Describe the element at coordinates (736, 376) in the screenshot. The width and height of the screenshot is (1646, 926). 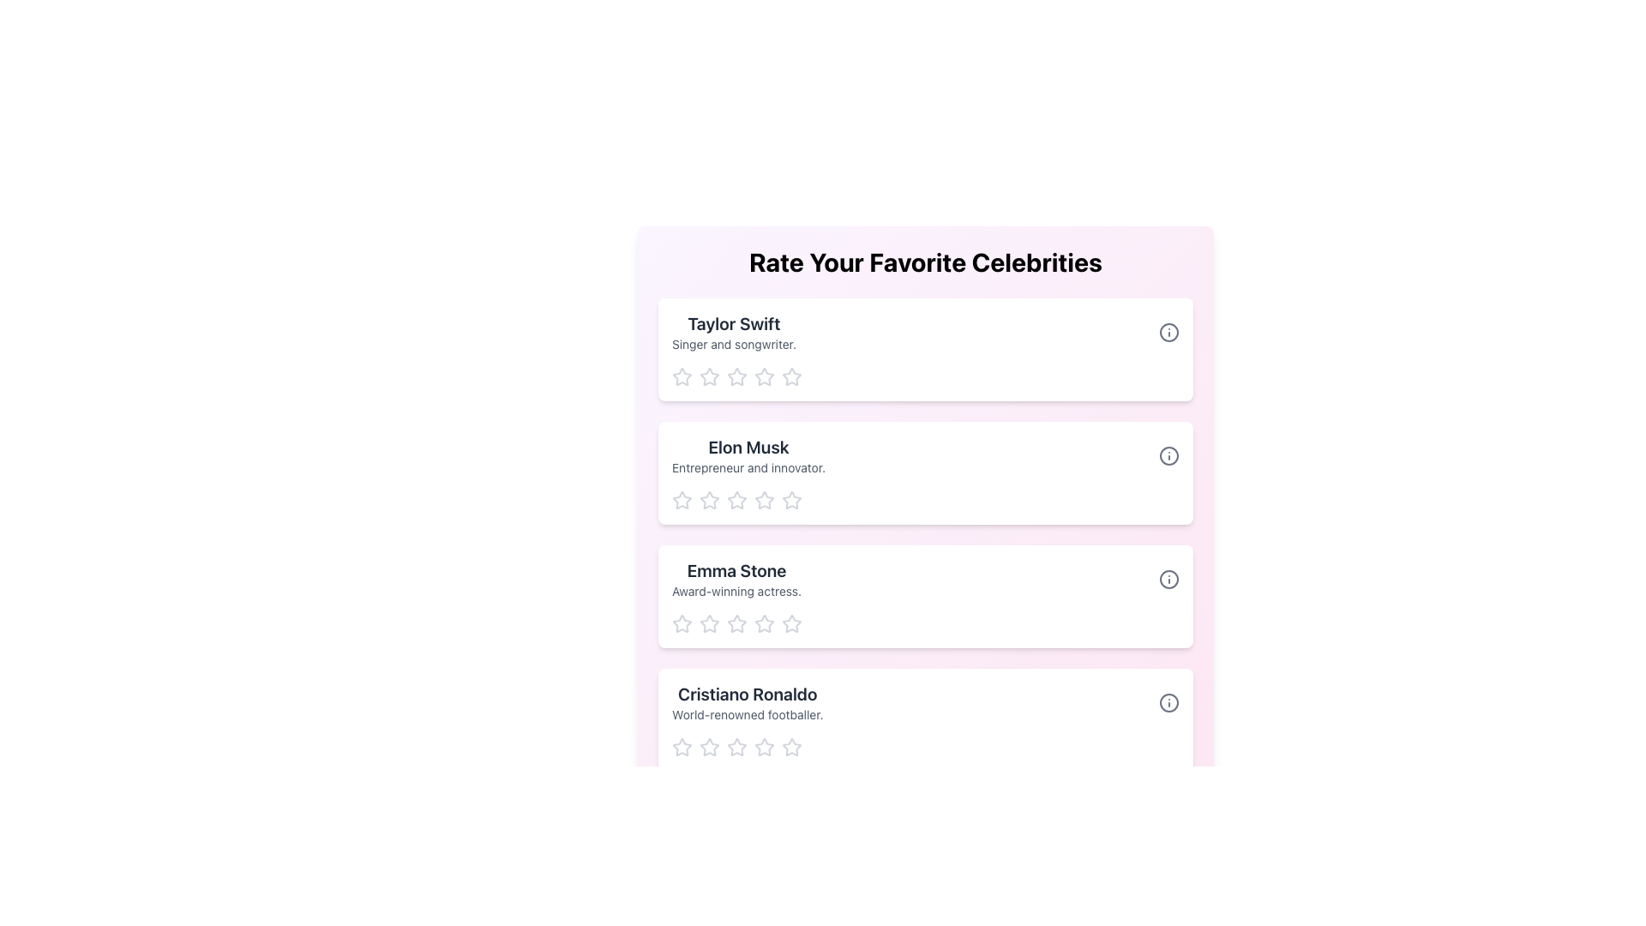
I see `the third Rating Star Icon for the entry labeled 'Taylor Swift'` at that location.